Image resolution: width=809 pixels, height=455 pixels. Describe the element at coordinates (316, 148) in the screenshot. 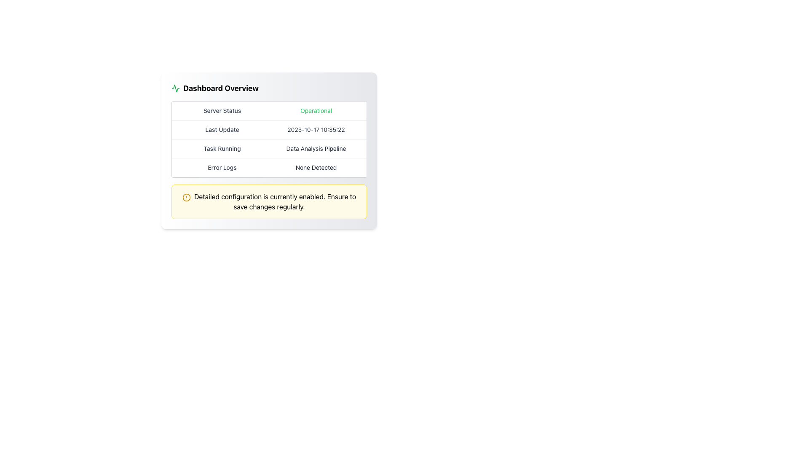

I see `the text label displaying 'Data Analysis Pipeline', which is a small, gray font located in the structured table layout under the 'Dashboard Overview' heading` at that location.